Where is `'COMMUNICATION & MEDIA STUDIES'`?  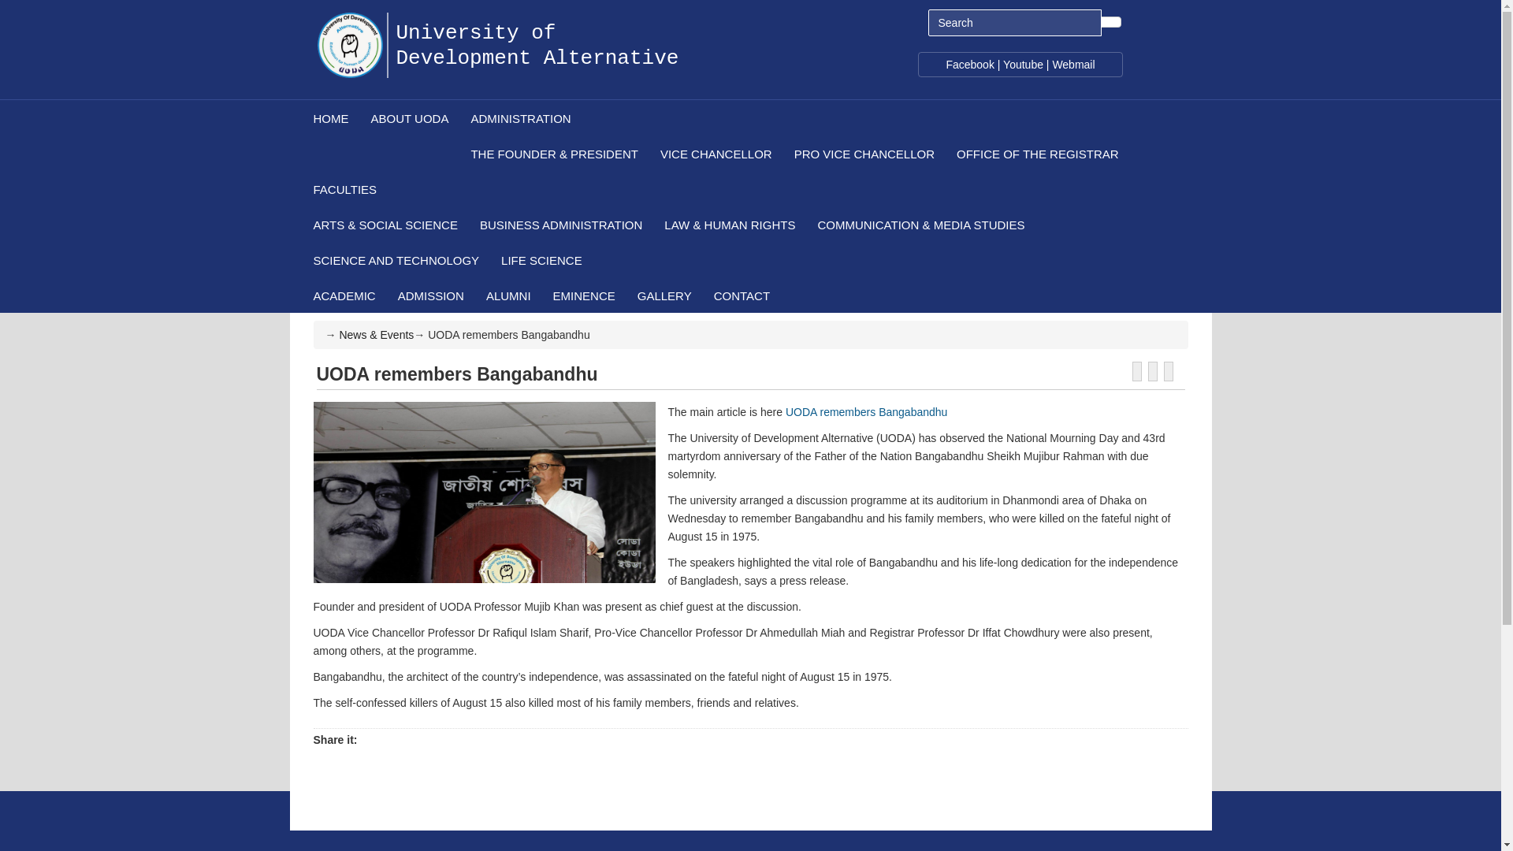 'COMMUNICATION & MEDIA STUDIES' is located at coordinates (920, 224).